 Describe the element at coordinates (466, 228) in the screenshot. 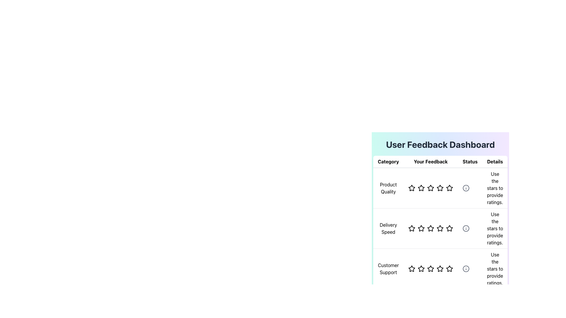

I see `the circular 'info' icon located in the 'Details' column under the 'Delivery Speed' row of the User Feedback Dashboard table` at that location.